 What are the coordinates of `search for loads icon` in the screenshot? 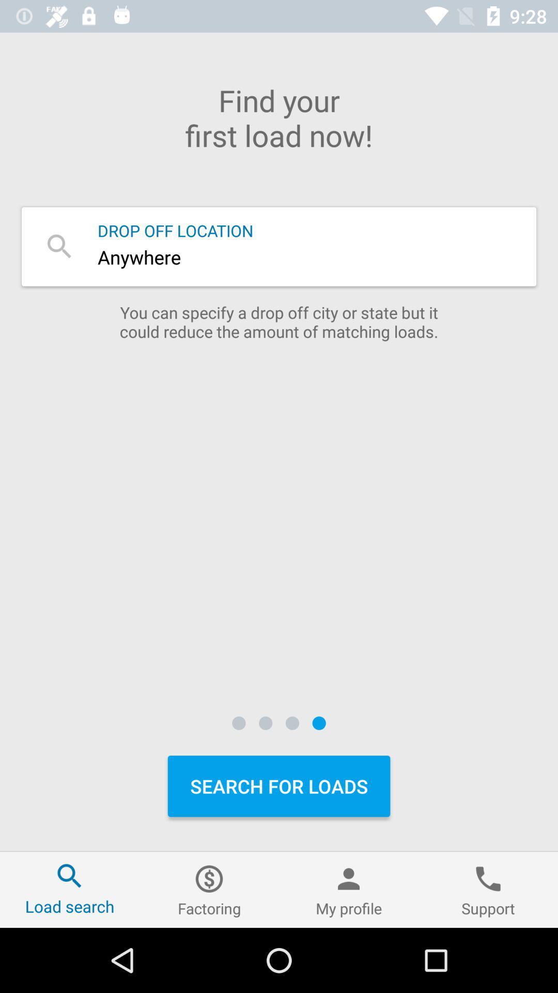 It's located at (279, 786).